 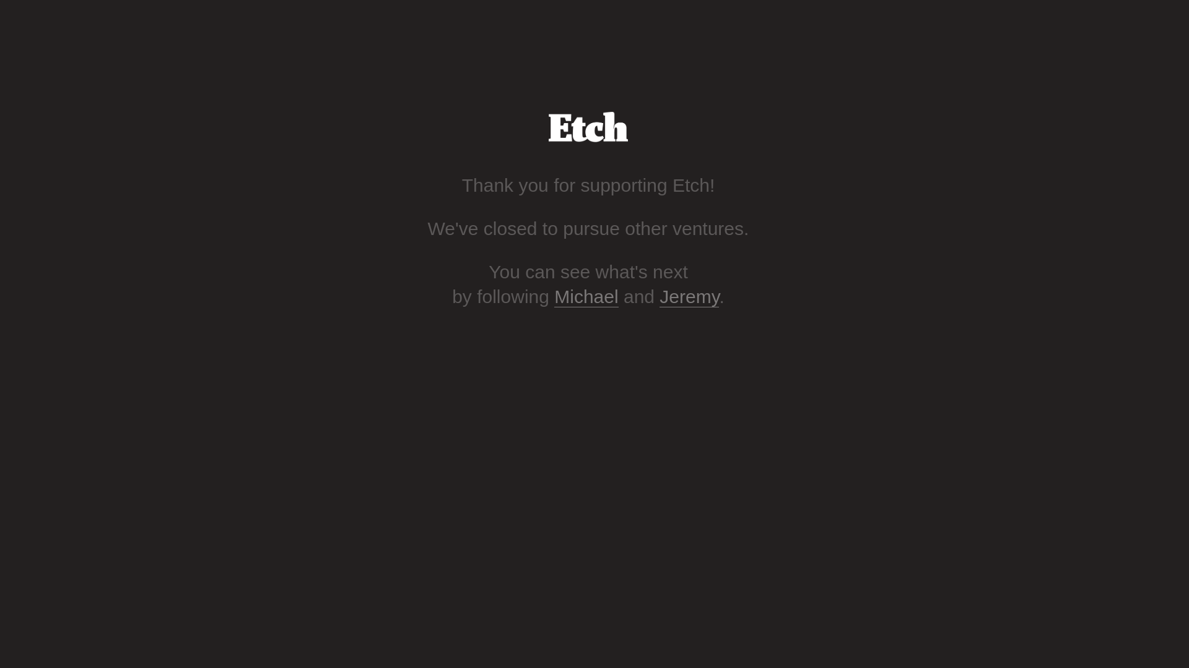 What do you see at coordinates (585, 296) in the screenshot?
I see `'Michael'` at bounding box center [585, 296].